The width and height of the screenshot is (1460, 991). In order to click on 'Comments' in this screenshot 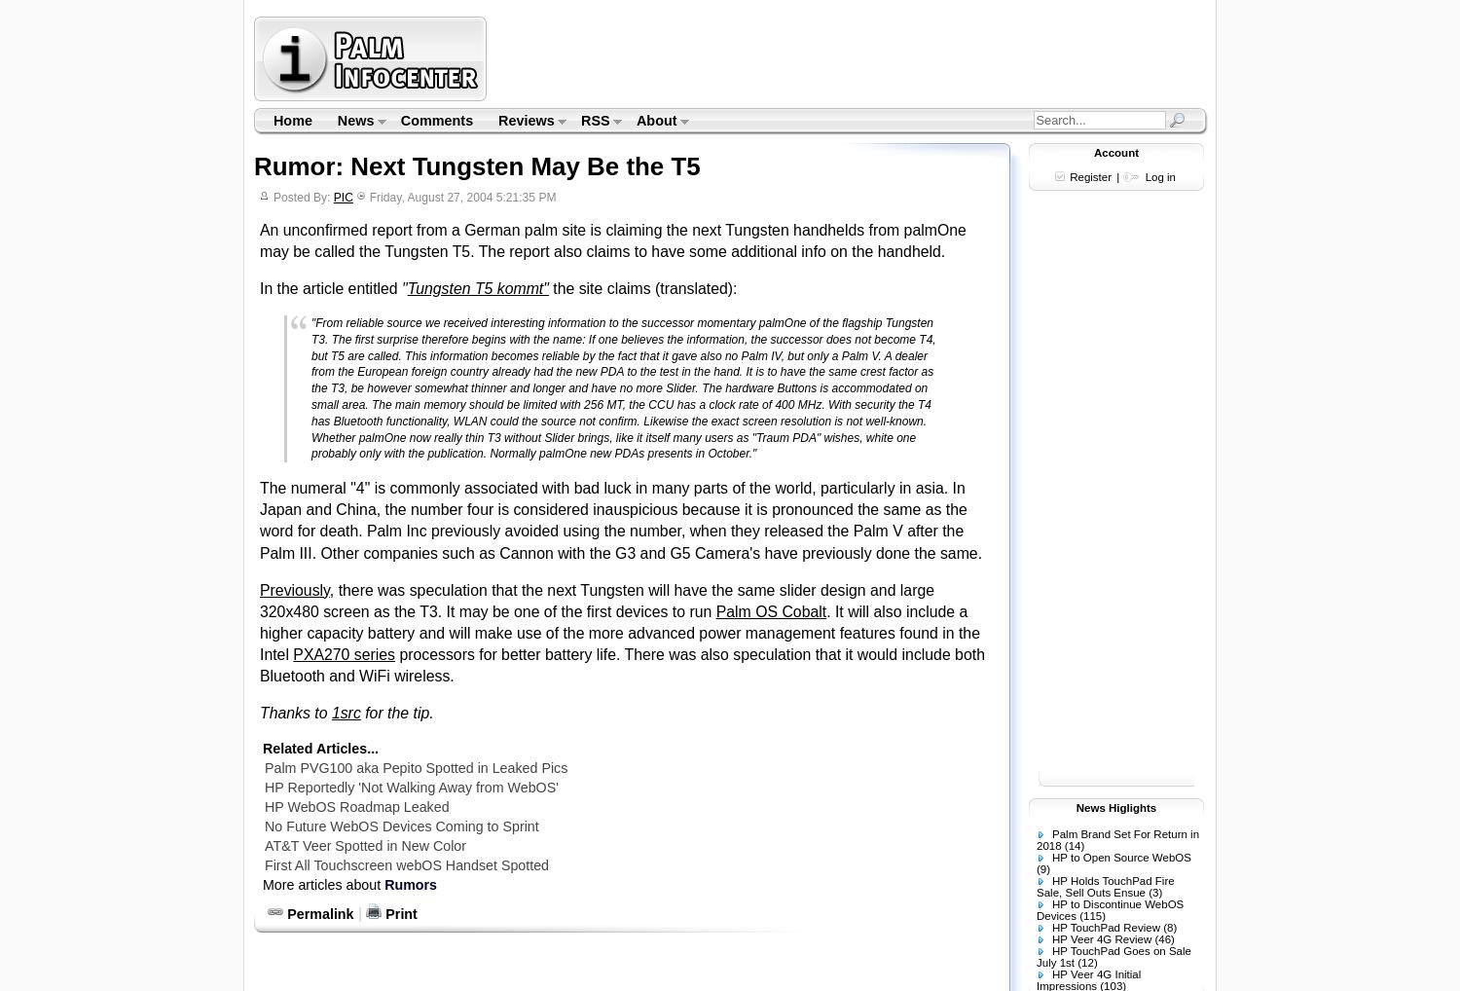, I will do `click(435, 119)`.